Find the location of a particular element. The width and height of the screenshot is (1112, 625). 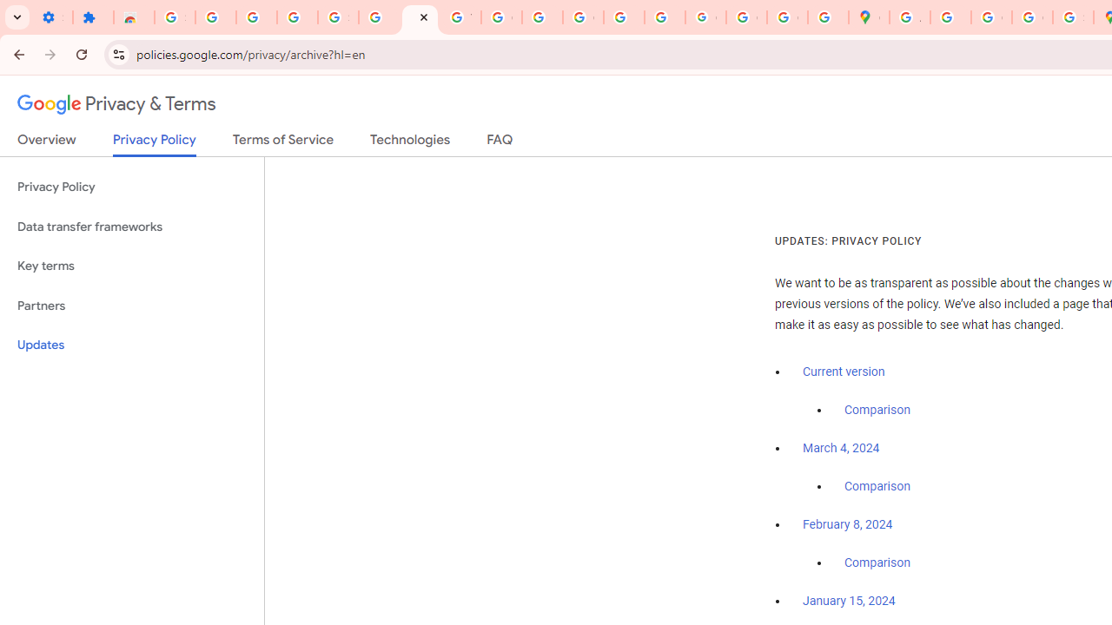

'Sign in - Google Accounts' is located at coordinates (175, 17).